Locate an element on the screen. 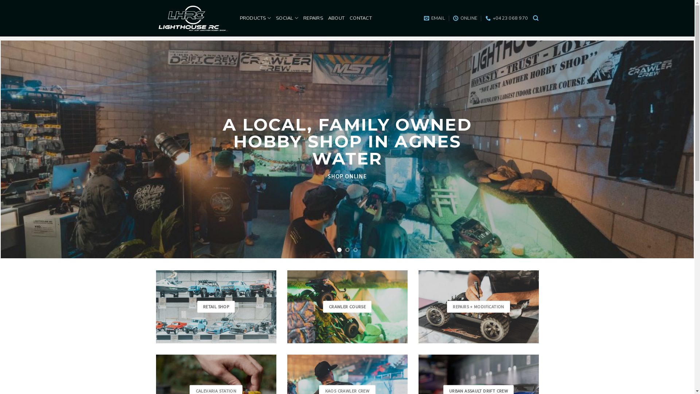 The image size is (700, 394). 'EMAIL' is located at coordinates (434, 18).